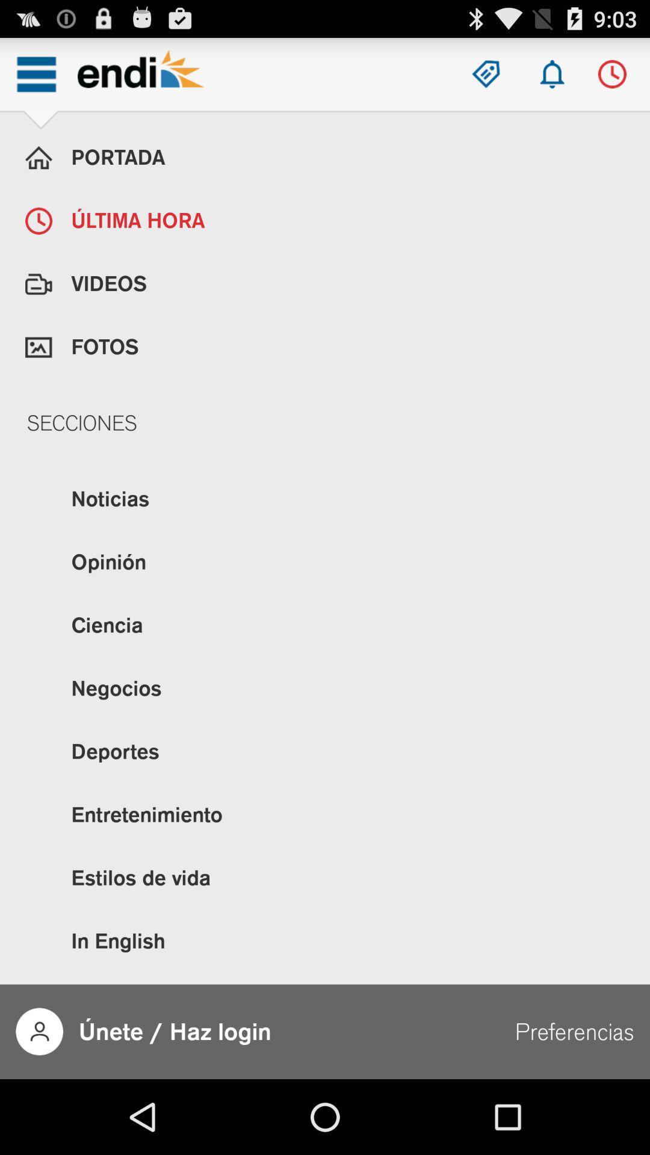 Image resolution: width=650 pixels, height=1155 pixels. What do you see at coordinates (612, 79) in the screenshot?
I see `the time icon` at bounding box center [612, 79].